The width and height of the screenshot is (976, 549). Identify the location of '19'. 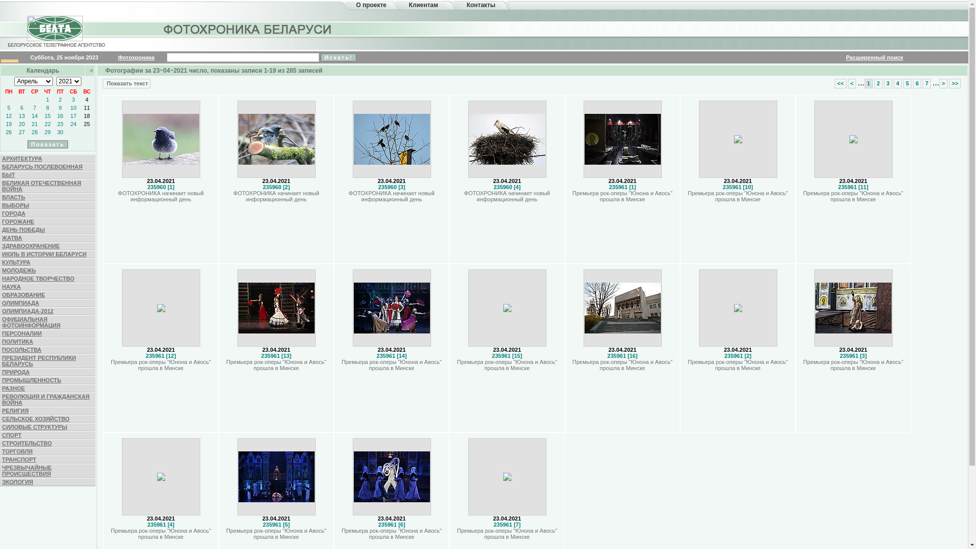
(5, 123).